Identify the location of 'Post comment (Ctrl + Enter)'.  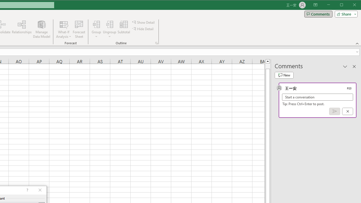
(334, 111).